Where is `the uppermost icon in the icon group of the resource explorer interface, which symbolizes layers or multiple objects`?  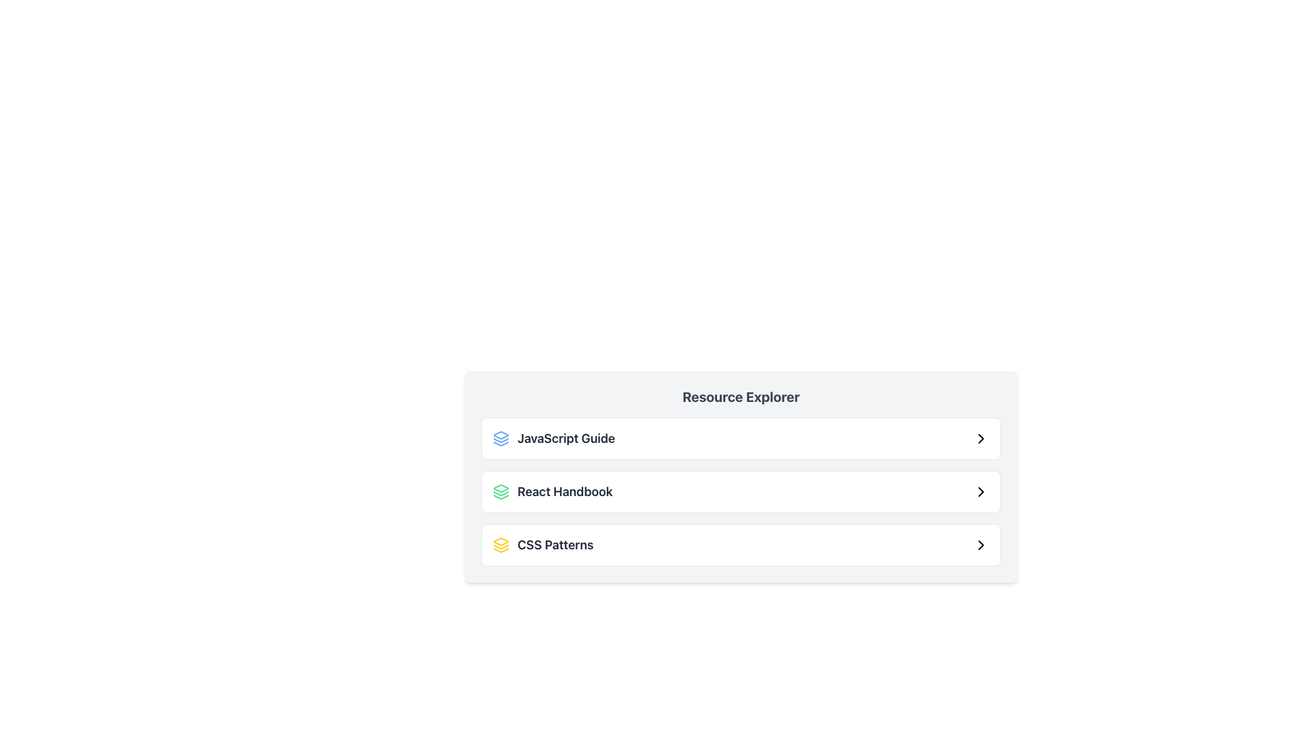 the uppermost icon in the icon group of the resource explorer interface, which symbolizes layers or multiple objects is located at coordinates (501, 435).